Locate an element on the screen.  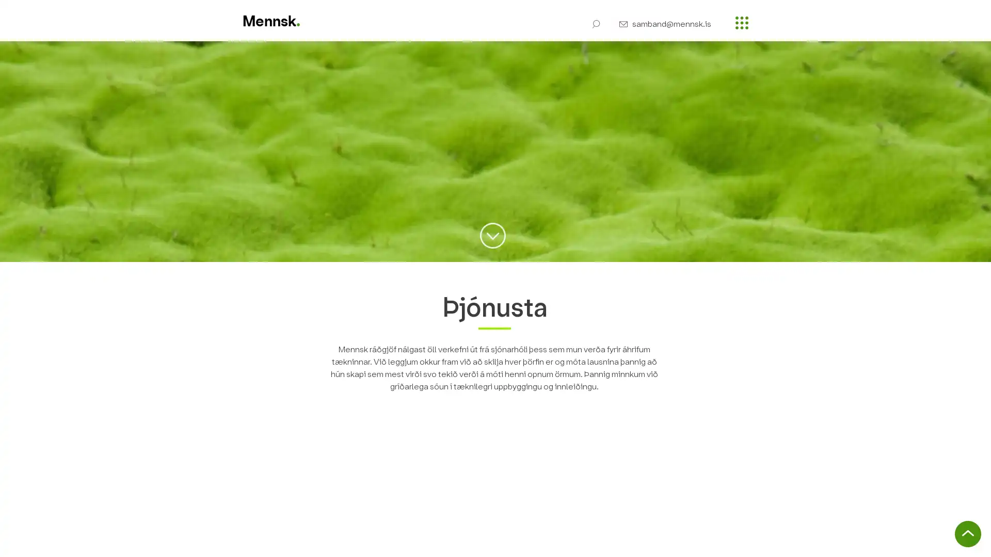
Close is located at coordinates (978, 540).